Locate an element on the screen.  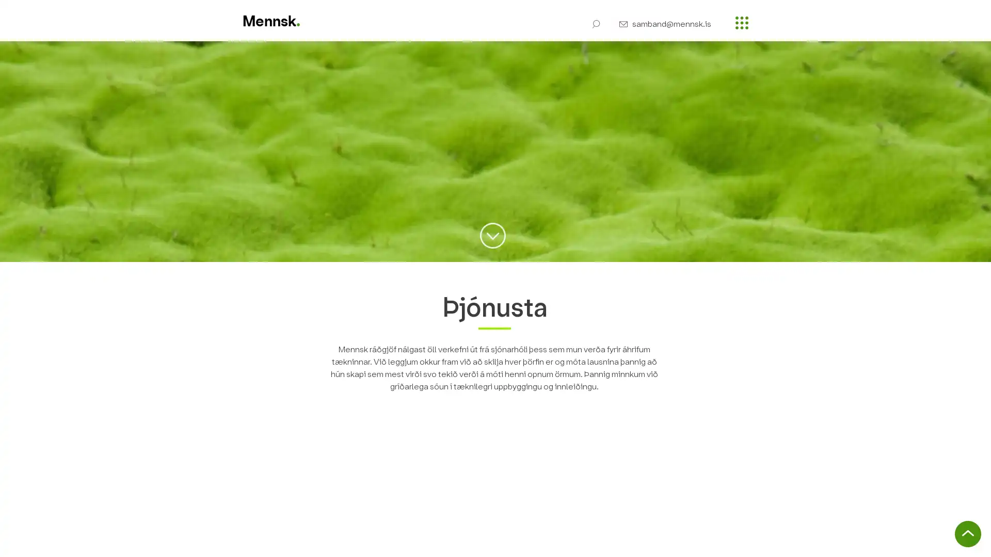
Close is located at coordinates (978, 540).